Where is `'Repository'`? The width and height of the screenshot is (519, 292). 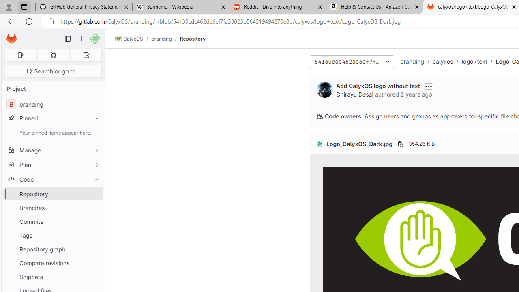 'Repository' is located at coordinates (192, 39).